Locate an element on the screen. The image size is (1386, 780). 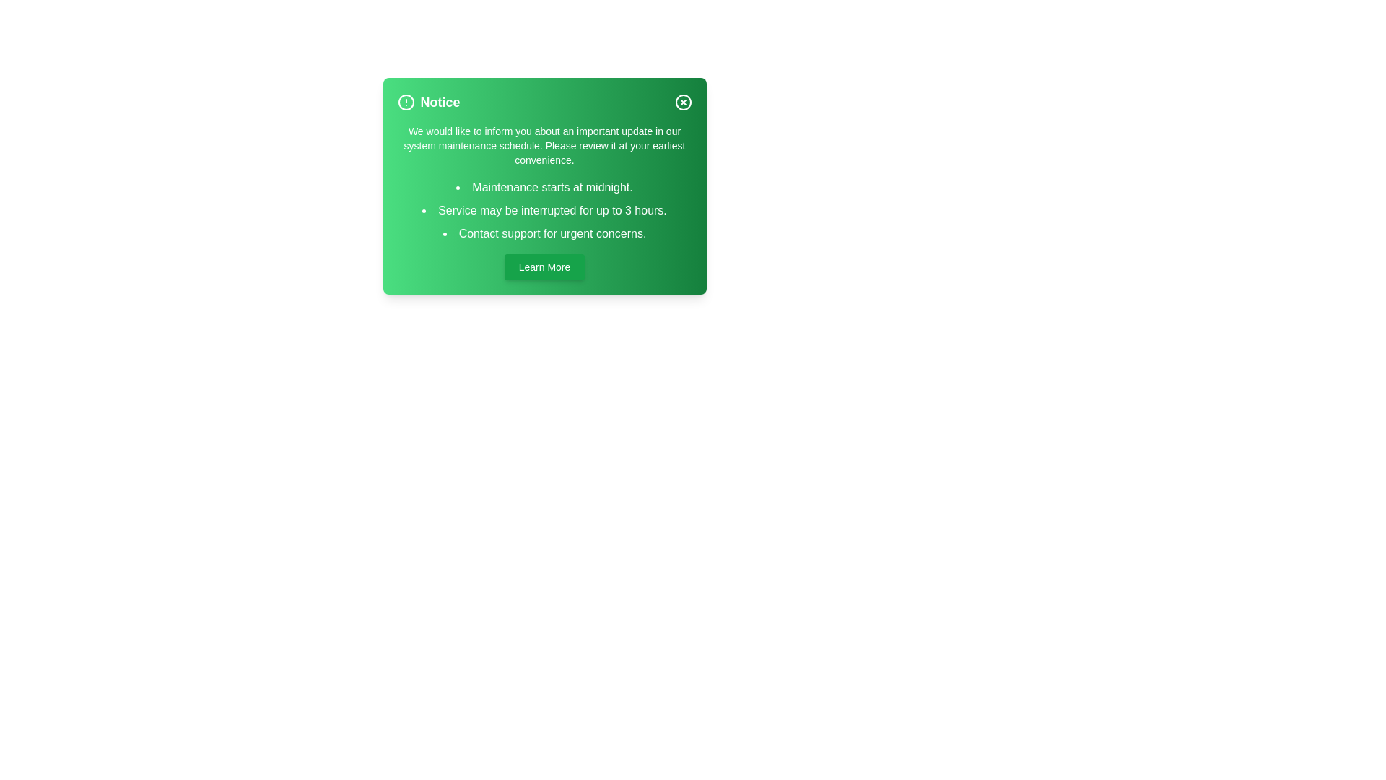
the 'Notice' text label, which is styled as a heading on a green background, located to the right of an alert icon is located at coordinates (439, 102).